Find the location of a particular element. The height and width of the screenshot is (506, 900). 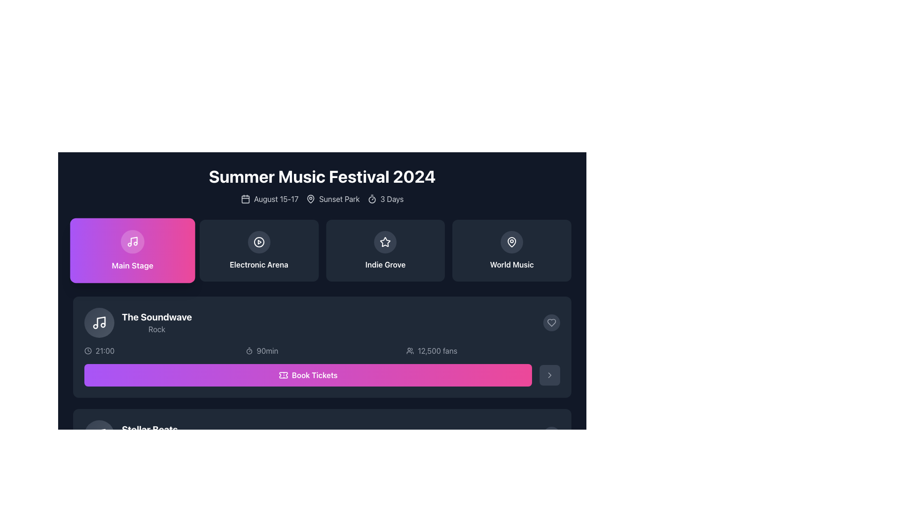

the music icon within the first circular button in the horizontal navigation bar at the top of the interface is located at coordinates (132, 241).